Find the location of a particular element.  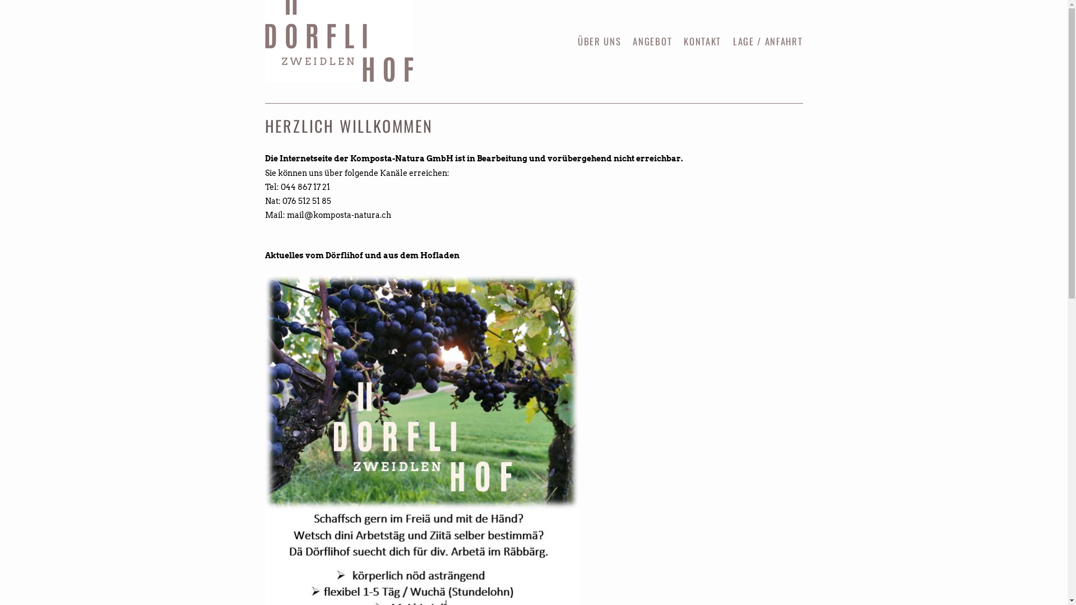

'LAGE / ANFAHRT' is located at coordinates (767, 40).